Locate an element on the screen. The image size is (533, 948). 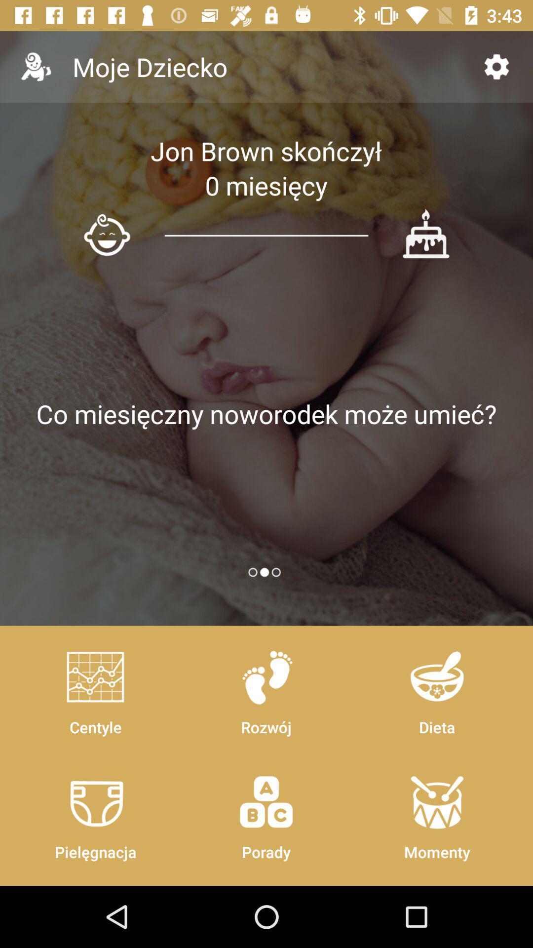
the momenty is located at coordinates (436, 813).